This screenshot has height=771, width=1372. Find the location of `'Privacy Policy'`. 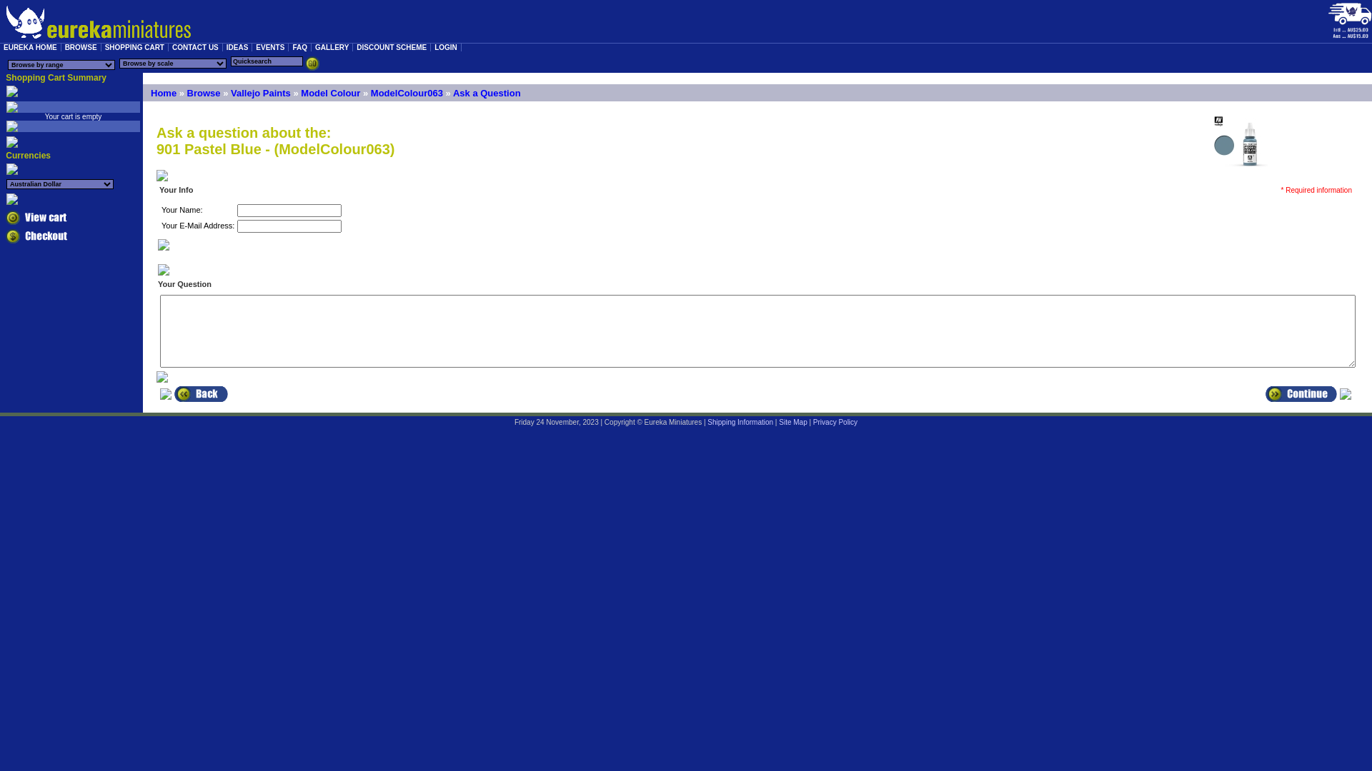

'Privacy Policy' is located at coordinates (835, 421).